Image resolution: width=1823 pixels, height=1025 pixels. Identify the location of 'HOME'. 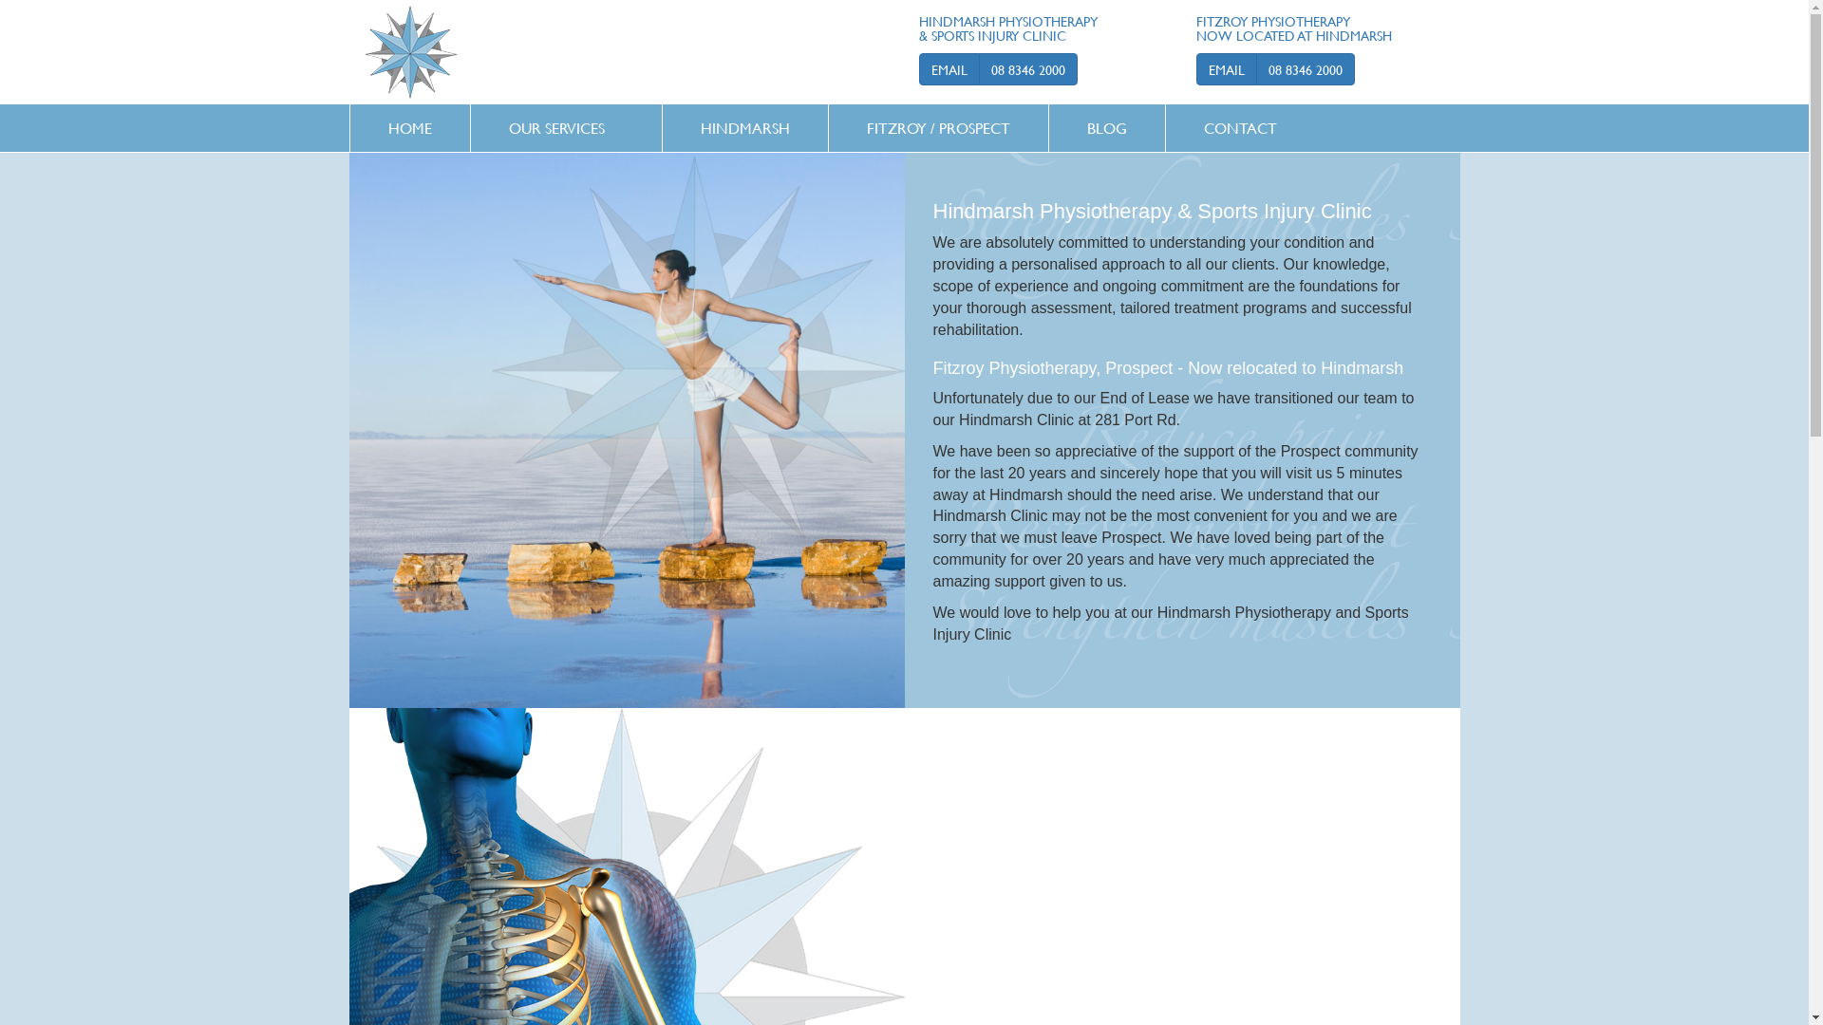
(408, 128).